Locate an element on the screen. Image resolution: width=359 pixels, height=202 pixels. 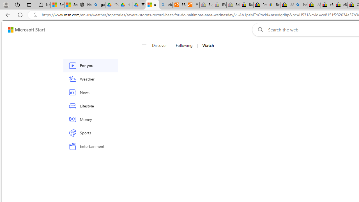
'including - Search' is located at coordinates (300, 5).